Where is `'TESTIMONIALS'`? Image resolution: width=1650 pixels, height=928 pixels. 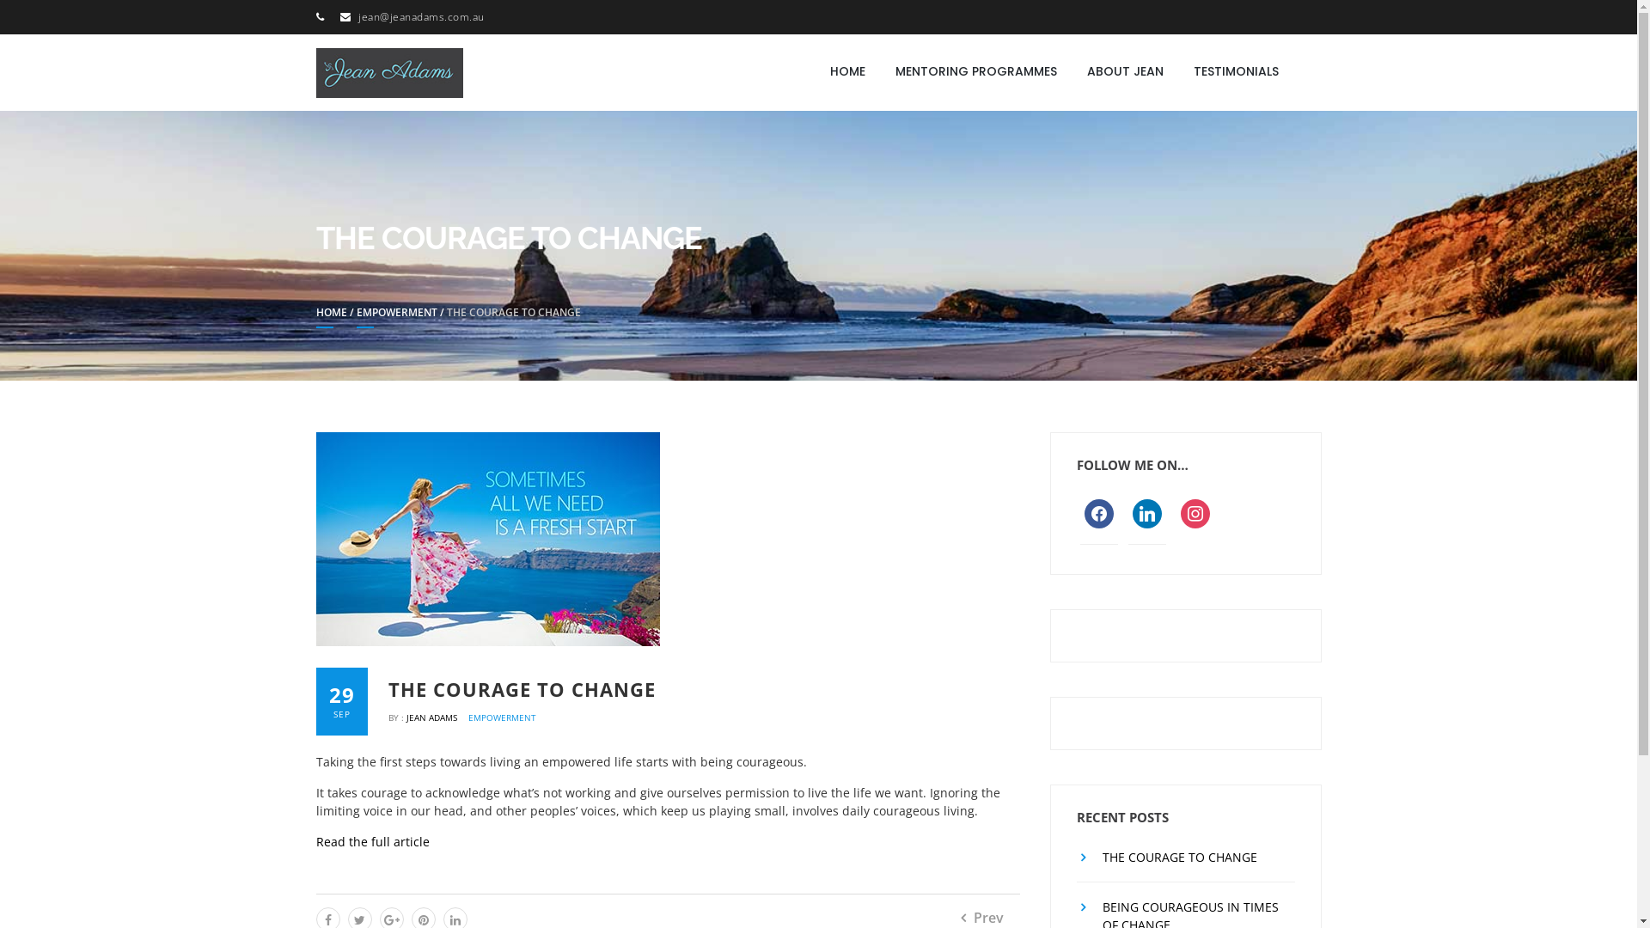 'TESTIMONIALS' is located at coordinates (1235, 70).